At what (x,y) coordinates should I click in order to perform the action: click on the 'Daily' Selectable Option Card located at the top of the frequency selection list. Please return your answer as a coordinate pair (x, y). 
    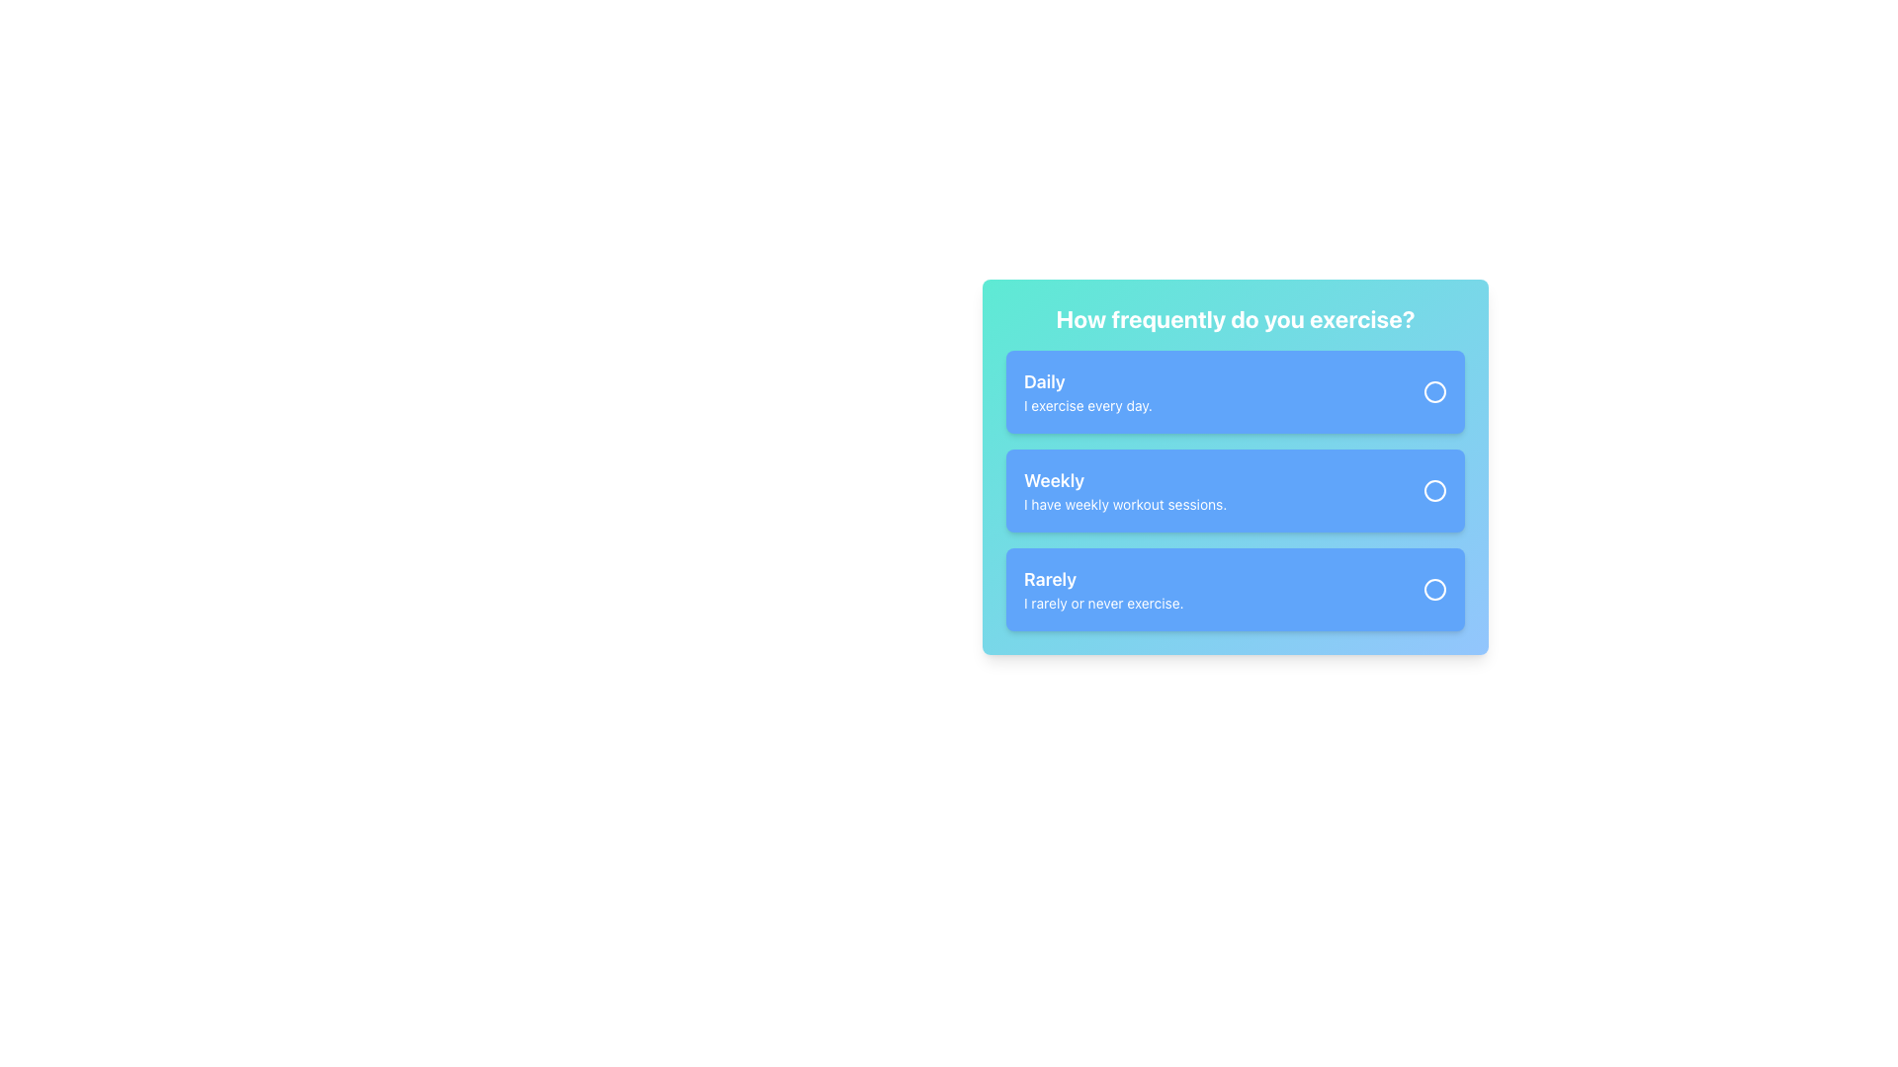
    Looking at the image, I should click on (1234, 392).